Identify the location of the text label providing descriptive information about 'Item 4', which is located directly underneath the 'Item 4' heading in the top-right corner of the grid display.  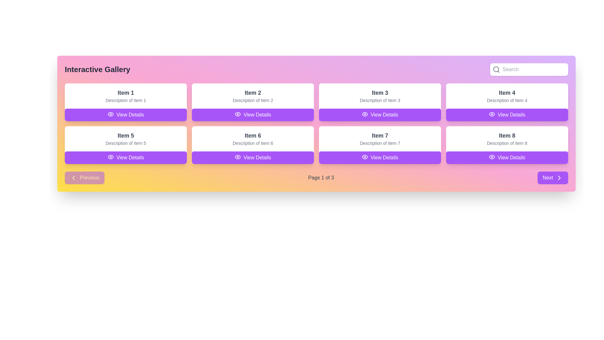
(507, 100).